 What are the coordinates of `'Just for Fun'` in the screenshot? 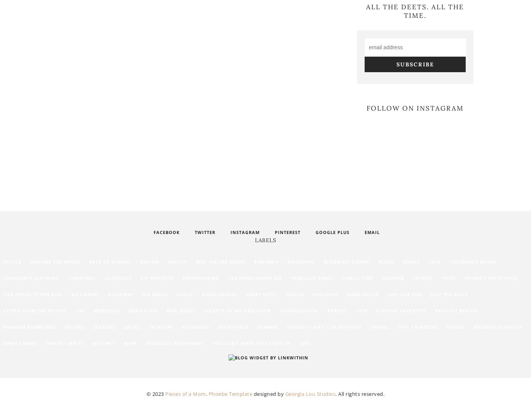 It's located at (404, 294).